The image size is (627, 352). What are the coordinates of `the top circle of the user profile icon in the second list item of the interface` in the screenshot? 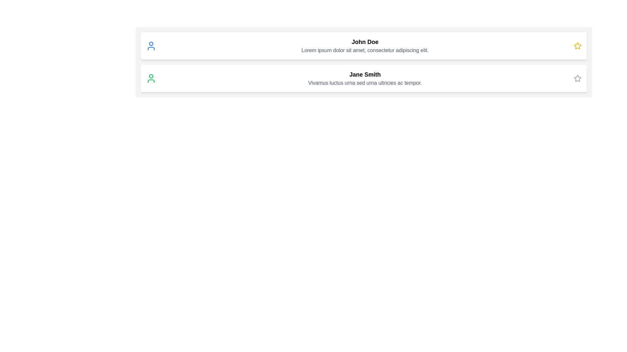 It's located at (151, 76).